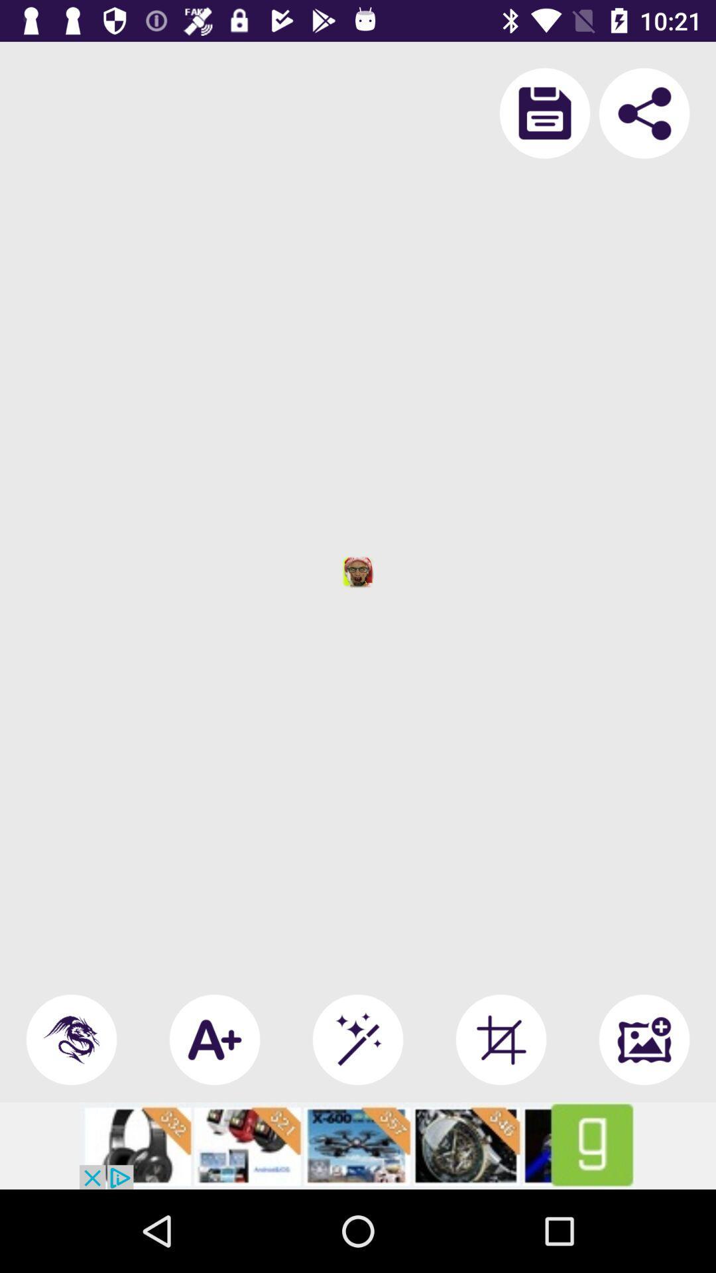 This screenshot has width=716, height=1273. What do you see at coordinates (358, 1145) in the screenshot?
I see `advertisement link to different site` at bounding box center [358, 1145].